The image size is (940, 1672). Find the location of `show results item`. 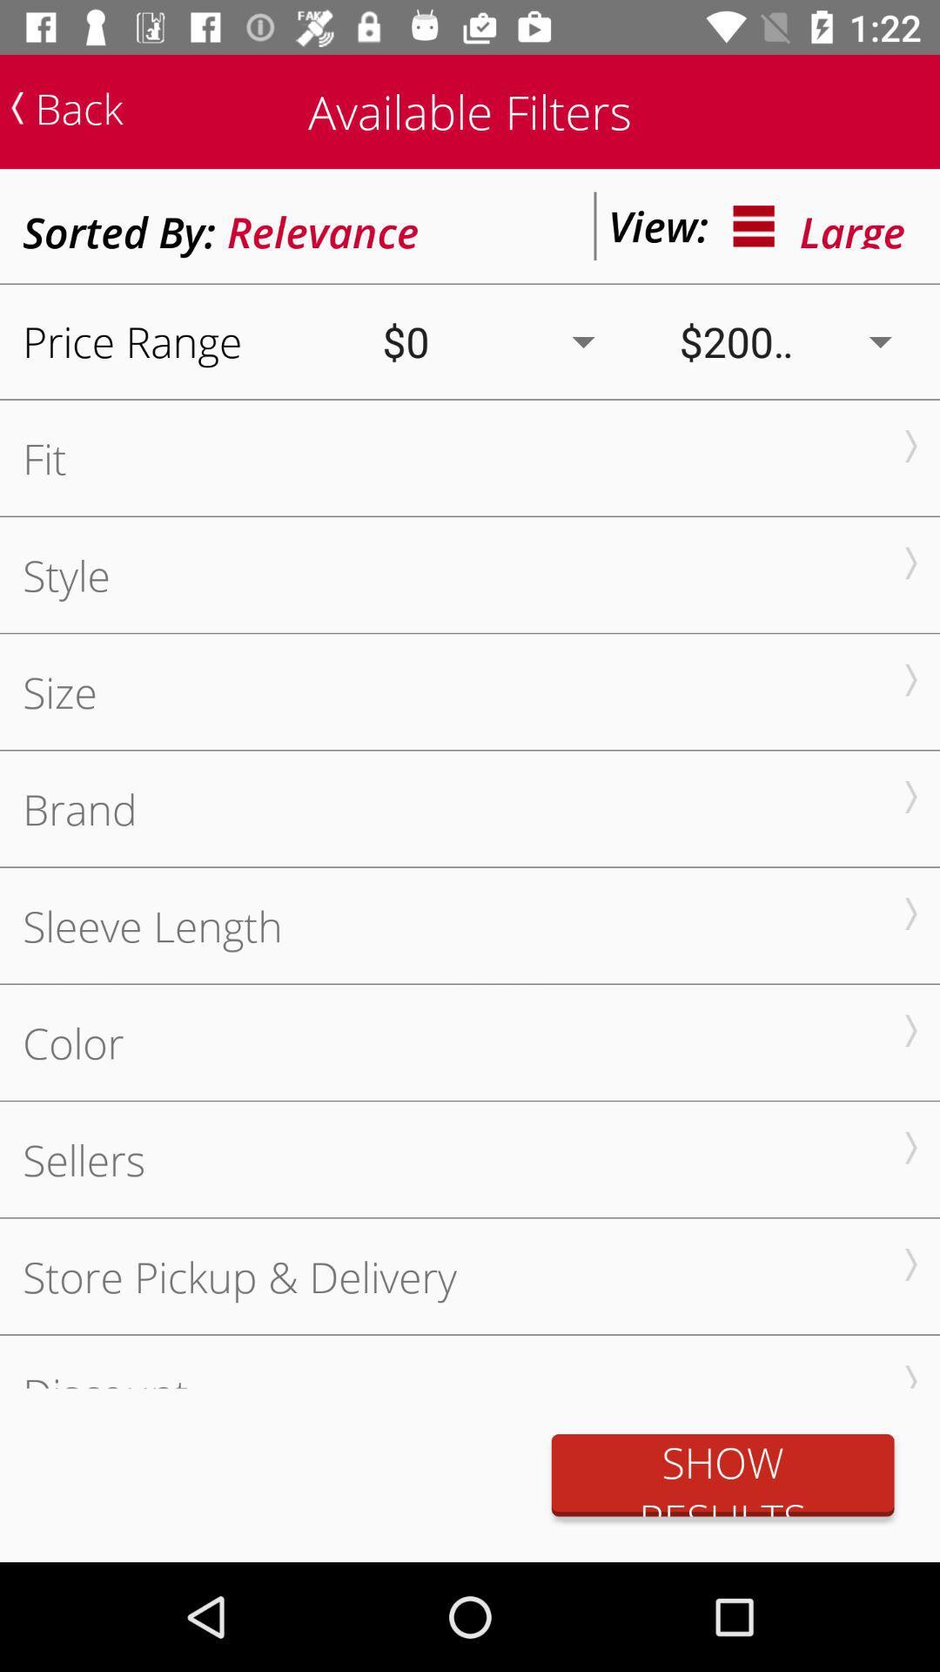

show results item is located at coordinates (722, 1474).